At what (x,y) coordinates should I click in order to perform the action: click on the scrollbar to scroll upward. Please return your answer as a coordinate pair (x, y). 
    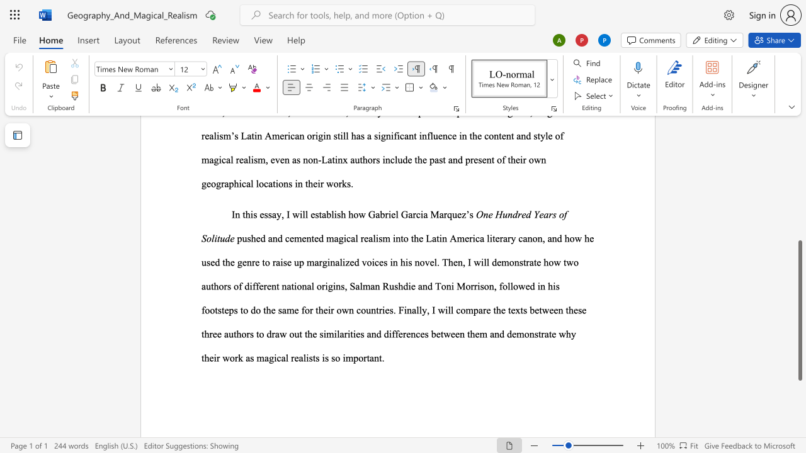
    Looking at the image, I should click on (799, 189).